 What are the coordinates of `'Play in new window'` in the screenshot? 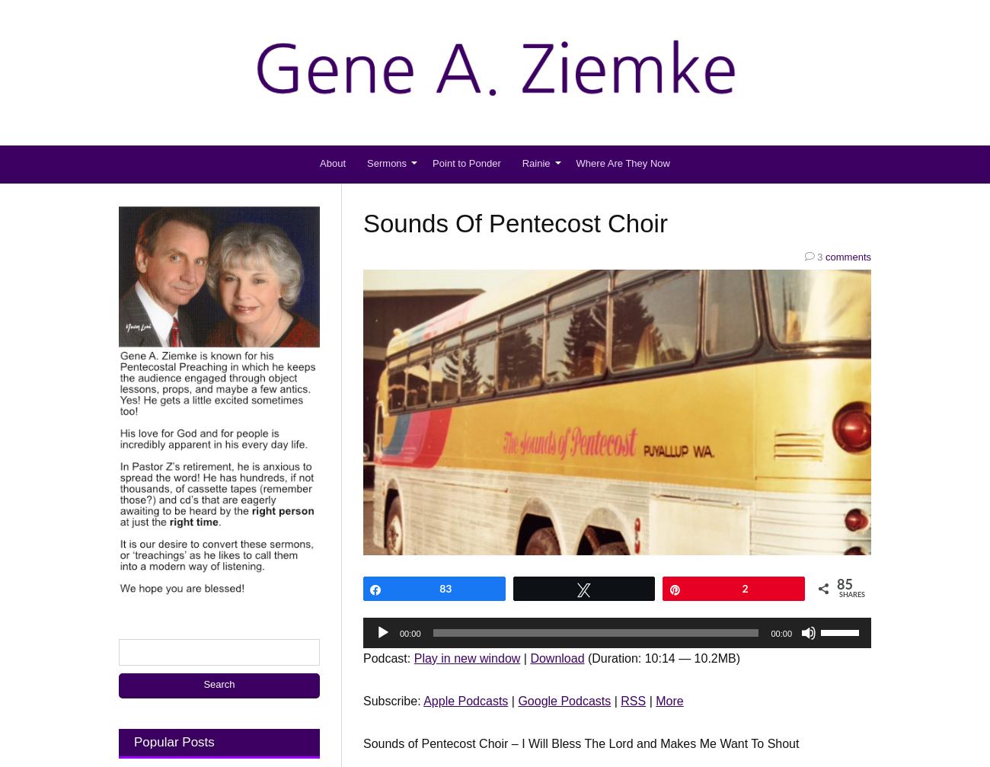 It's located at (466, 657).